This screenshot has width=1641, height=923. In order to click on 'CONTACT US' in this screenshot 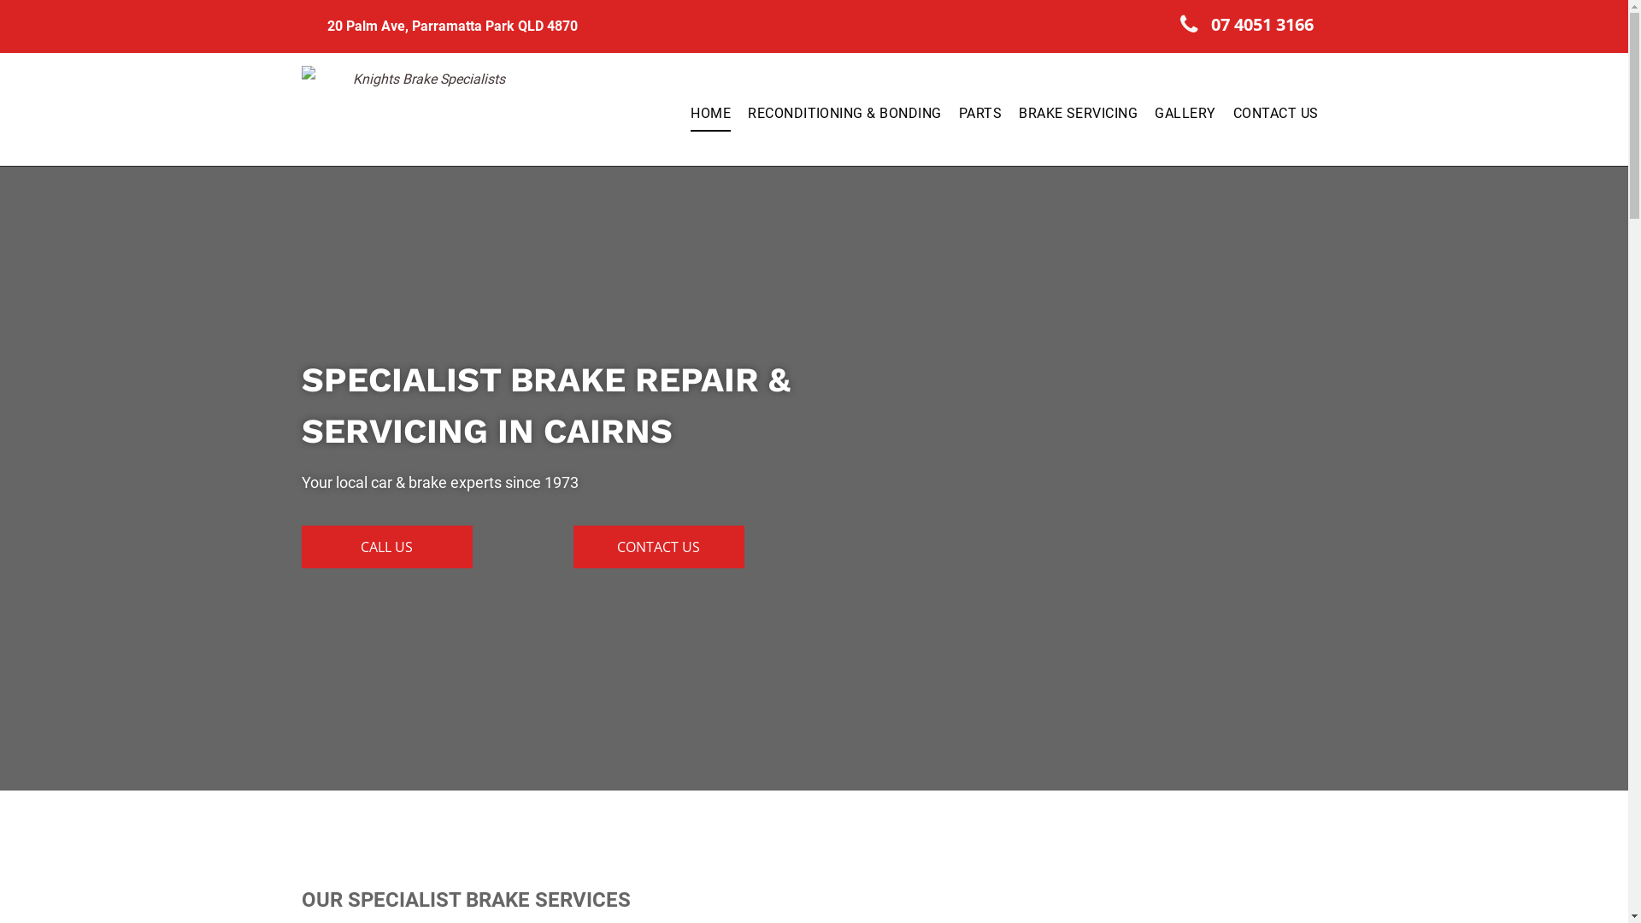, I will do `click(1275, 113)`.